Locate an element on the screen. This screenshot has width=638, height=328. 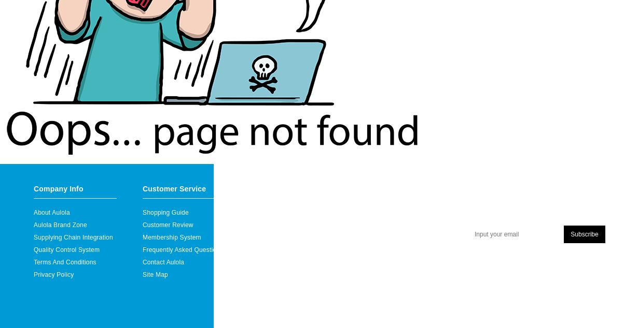
'Specials Order' is located at coordinates (382, 237).